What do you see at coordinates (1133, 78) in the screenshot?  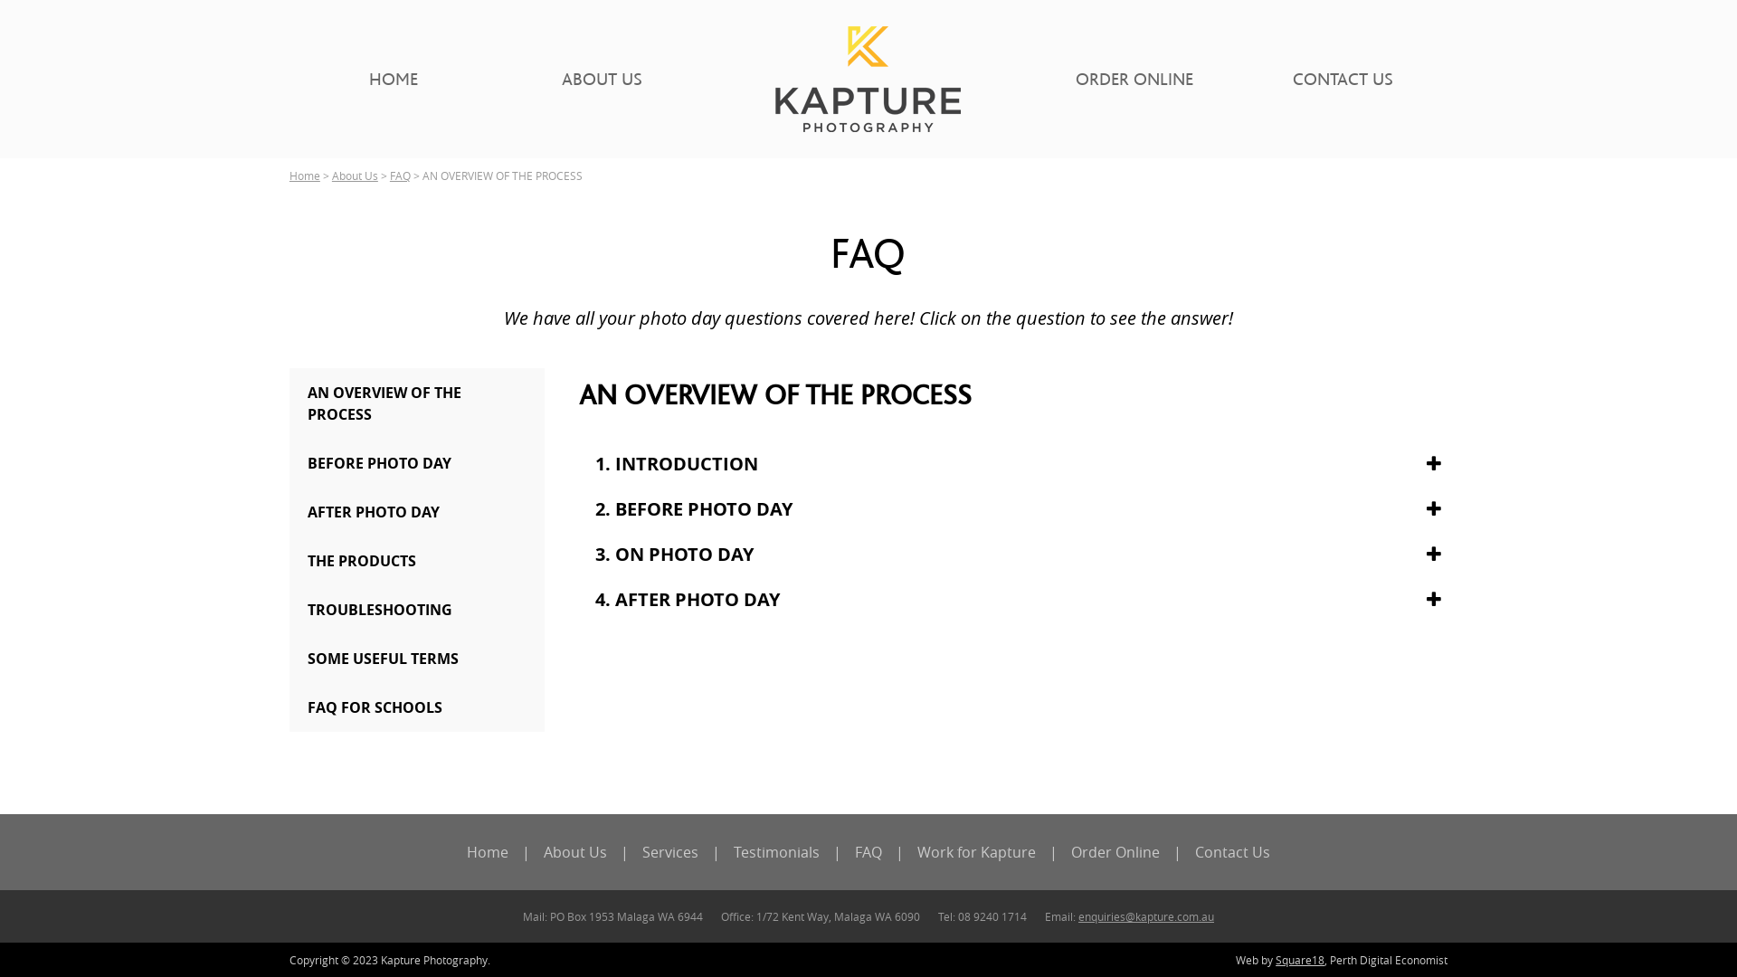 I see `'ORDER ONLINE'` at bounding box center [1133, 78].